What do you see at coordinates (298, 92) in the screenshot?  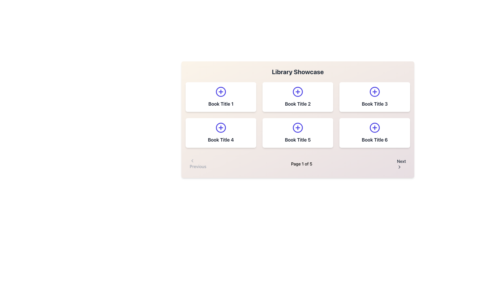 I see `the circular blue icon with a plus sign (+) located in the top-middle card titled 'Book Title 2'` at bounding box center [298, 92].